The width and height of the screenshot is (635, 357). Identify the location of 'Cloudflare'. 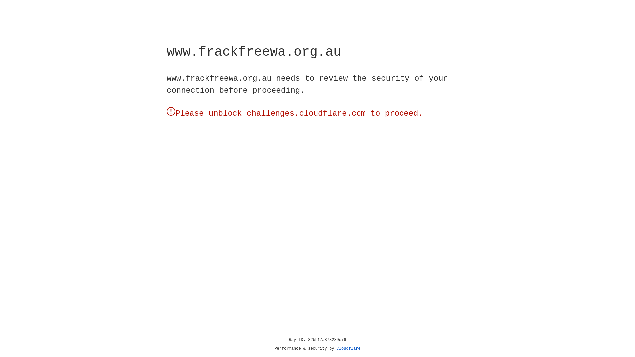
(348, 348).